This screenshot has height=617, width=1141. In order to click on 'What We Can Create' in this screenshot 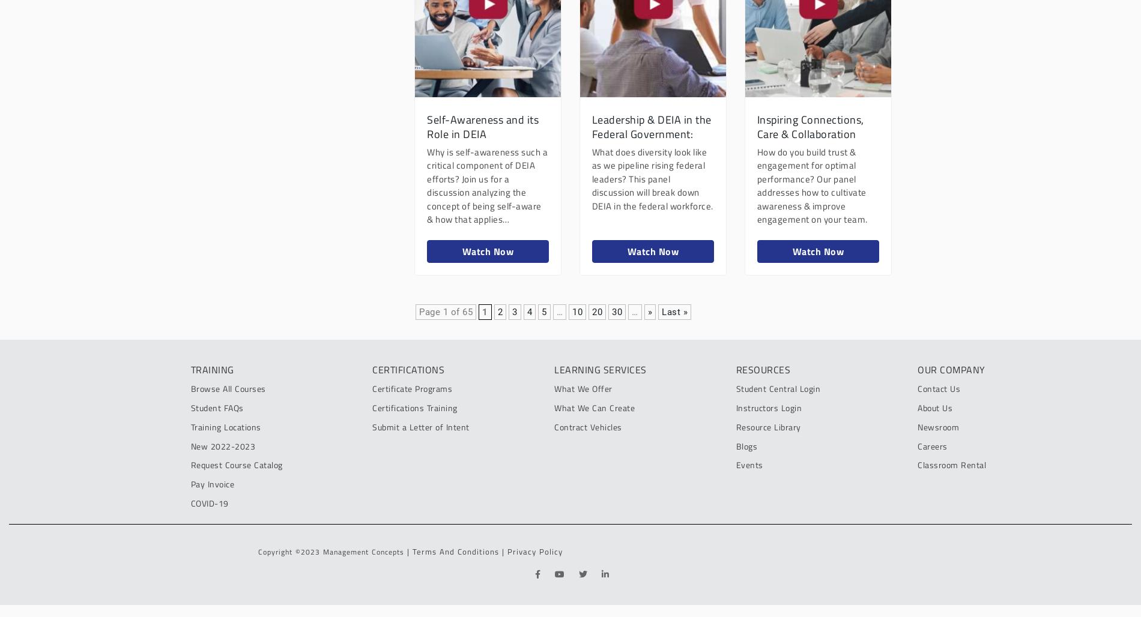, I will do `click(554, 408)`.